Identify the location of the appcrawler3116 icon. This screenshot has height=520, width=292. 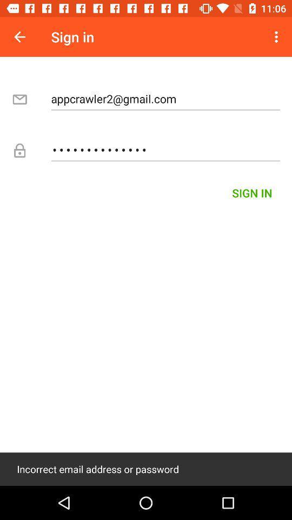
(165, 149).